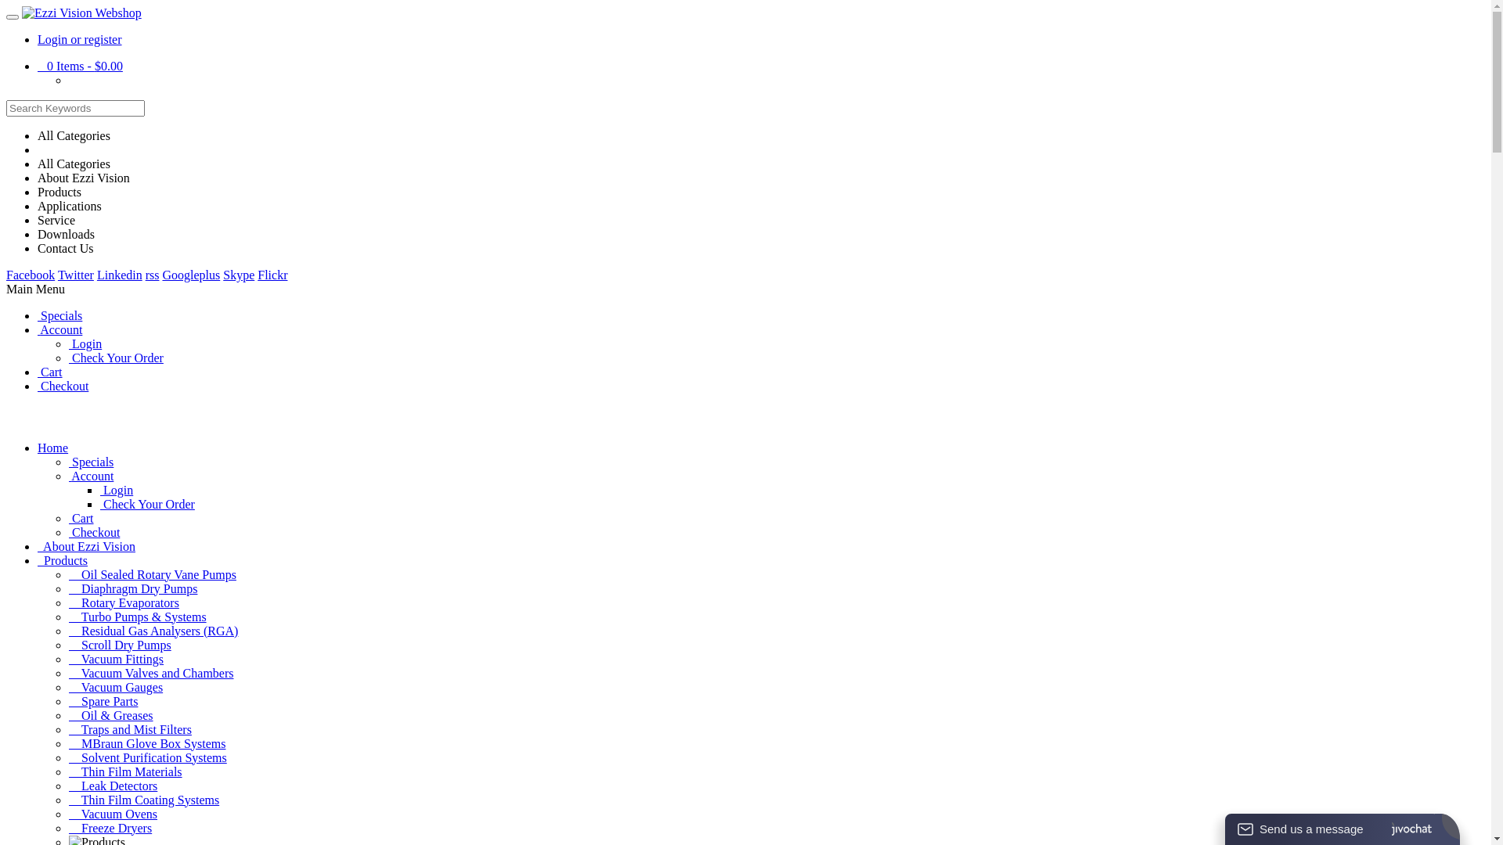 This screenshot has width=1503, height=845. I want to click on 'Service', so click(56, 220).